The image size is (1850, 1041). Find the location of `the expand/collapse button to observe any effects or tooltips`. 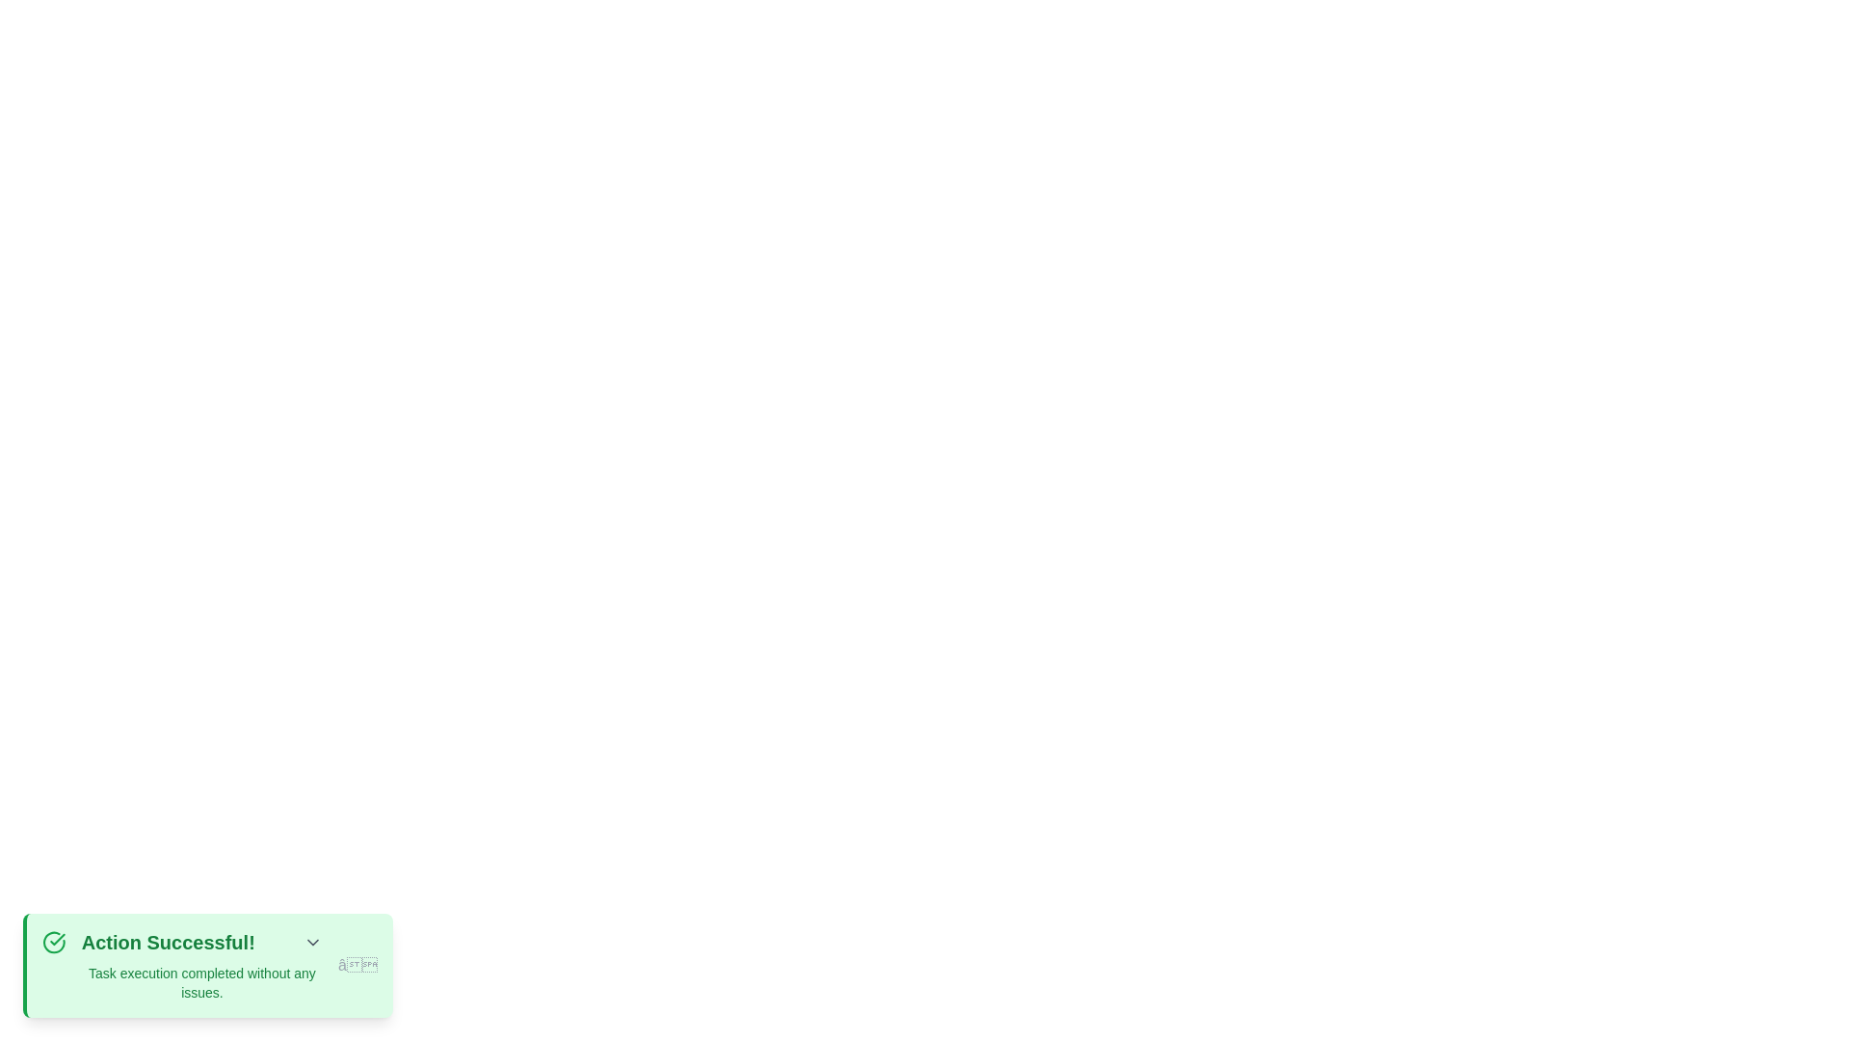

the expand/collapse button to observe any effects or tooltips is located at coordinates (313, 942).